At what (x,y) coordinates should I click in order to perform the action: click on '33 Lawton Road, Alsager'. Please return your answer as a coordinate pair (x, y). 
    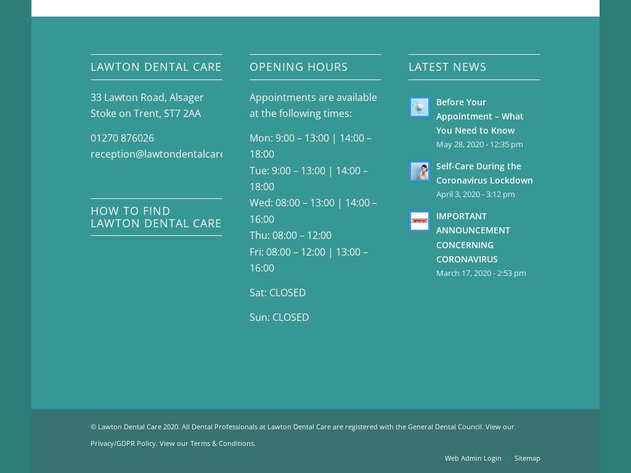
    Looking at the image, I should click on (90, 95).